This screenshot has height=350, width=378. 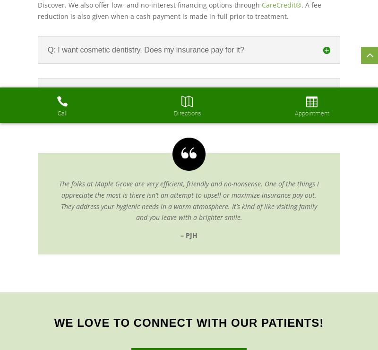 What do you see at coordinates (47, 49) in the screenshot?
I see `'Q: I want cosmetic dentistry. Does my insurance pay for it?'` at bounding box center [47, 49].